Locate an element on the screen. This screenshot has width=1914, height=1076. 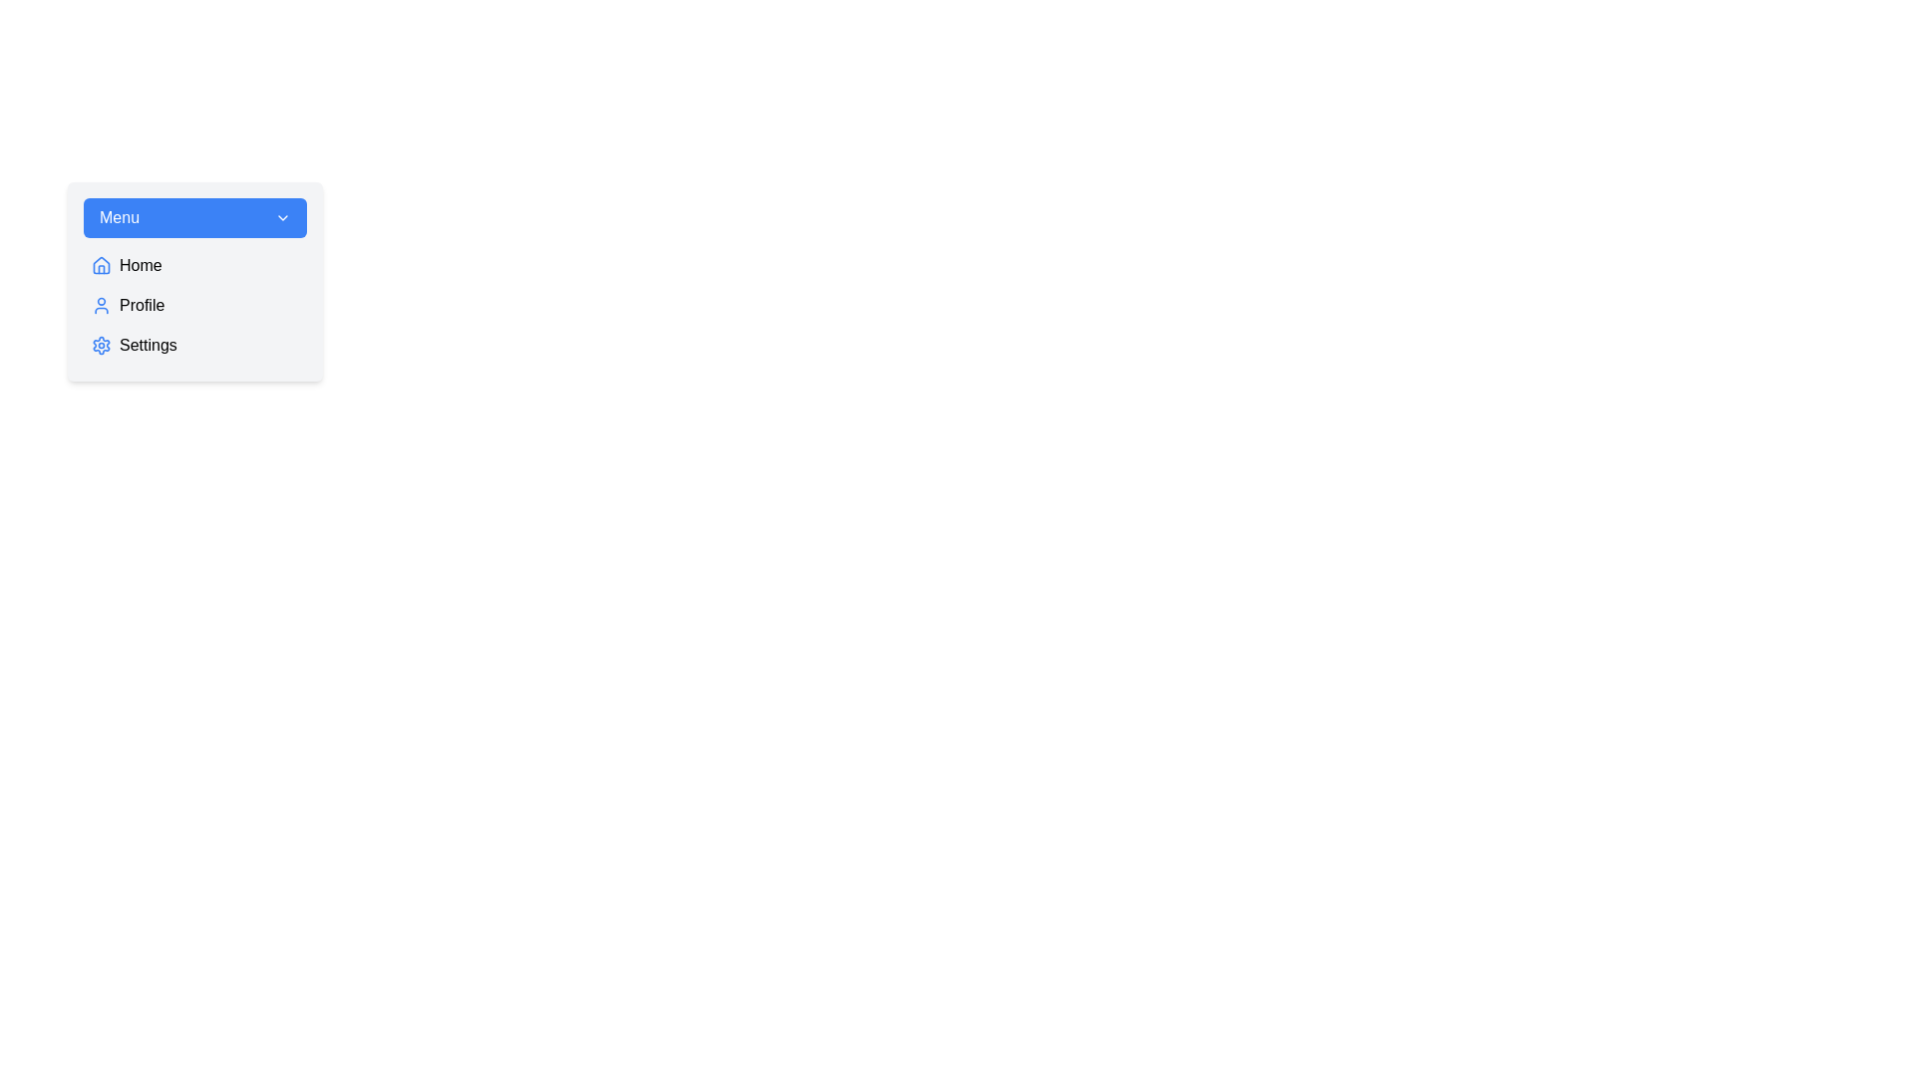
the menu button to toggle the menu's open/closed state is located at coordinates (195, 218).